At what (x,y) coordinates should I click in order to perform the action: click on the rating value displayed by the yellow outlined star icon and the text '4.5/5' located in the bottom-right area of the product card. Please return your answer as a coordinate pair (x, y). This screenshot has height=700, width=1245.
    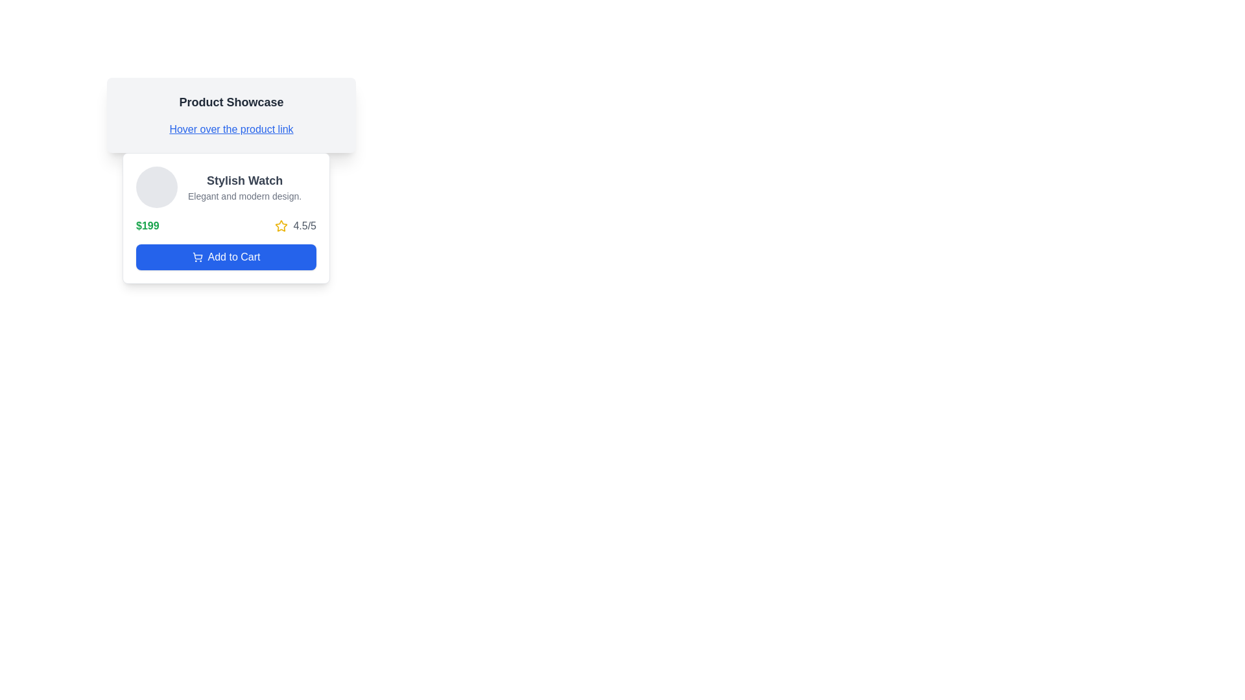
    Looking at the image, I should click on (295, 225).